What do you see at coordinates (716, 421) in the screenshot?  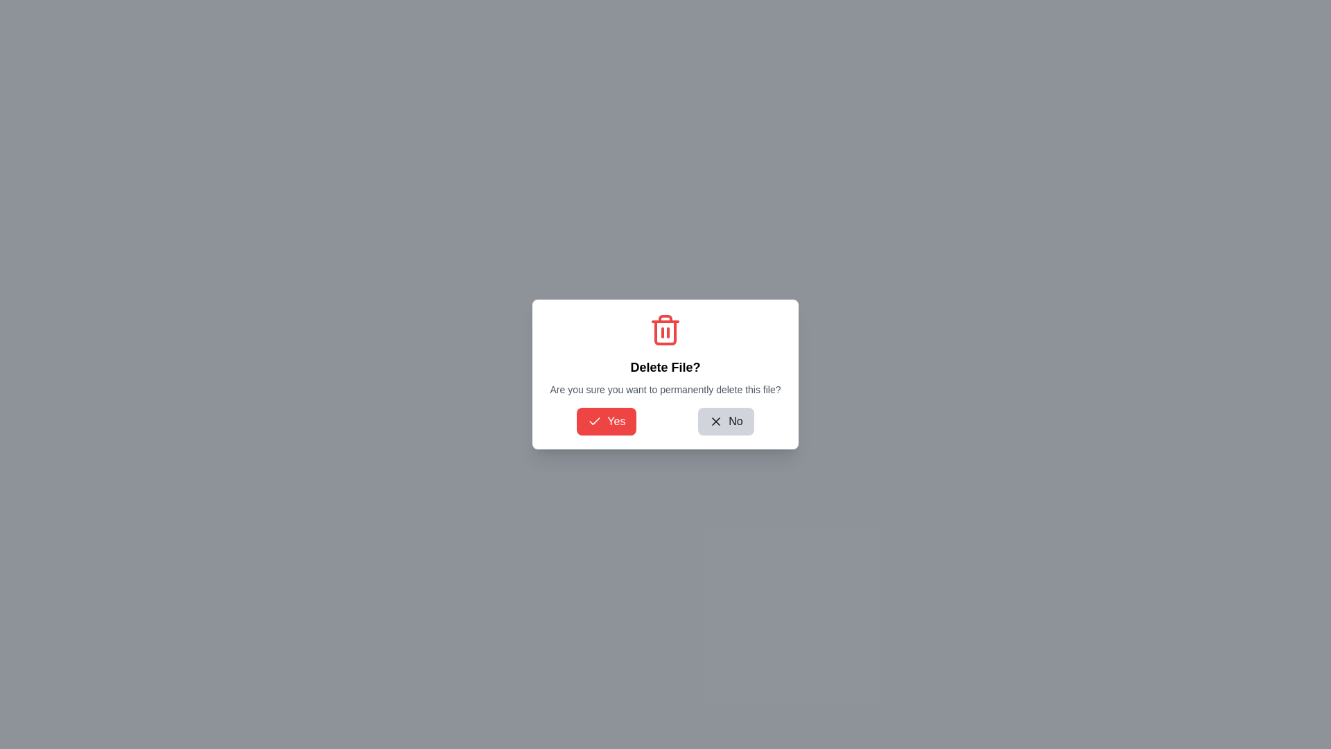 I see `the 'X' icon within the 'No' button` at bounding box center [716, 421].